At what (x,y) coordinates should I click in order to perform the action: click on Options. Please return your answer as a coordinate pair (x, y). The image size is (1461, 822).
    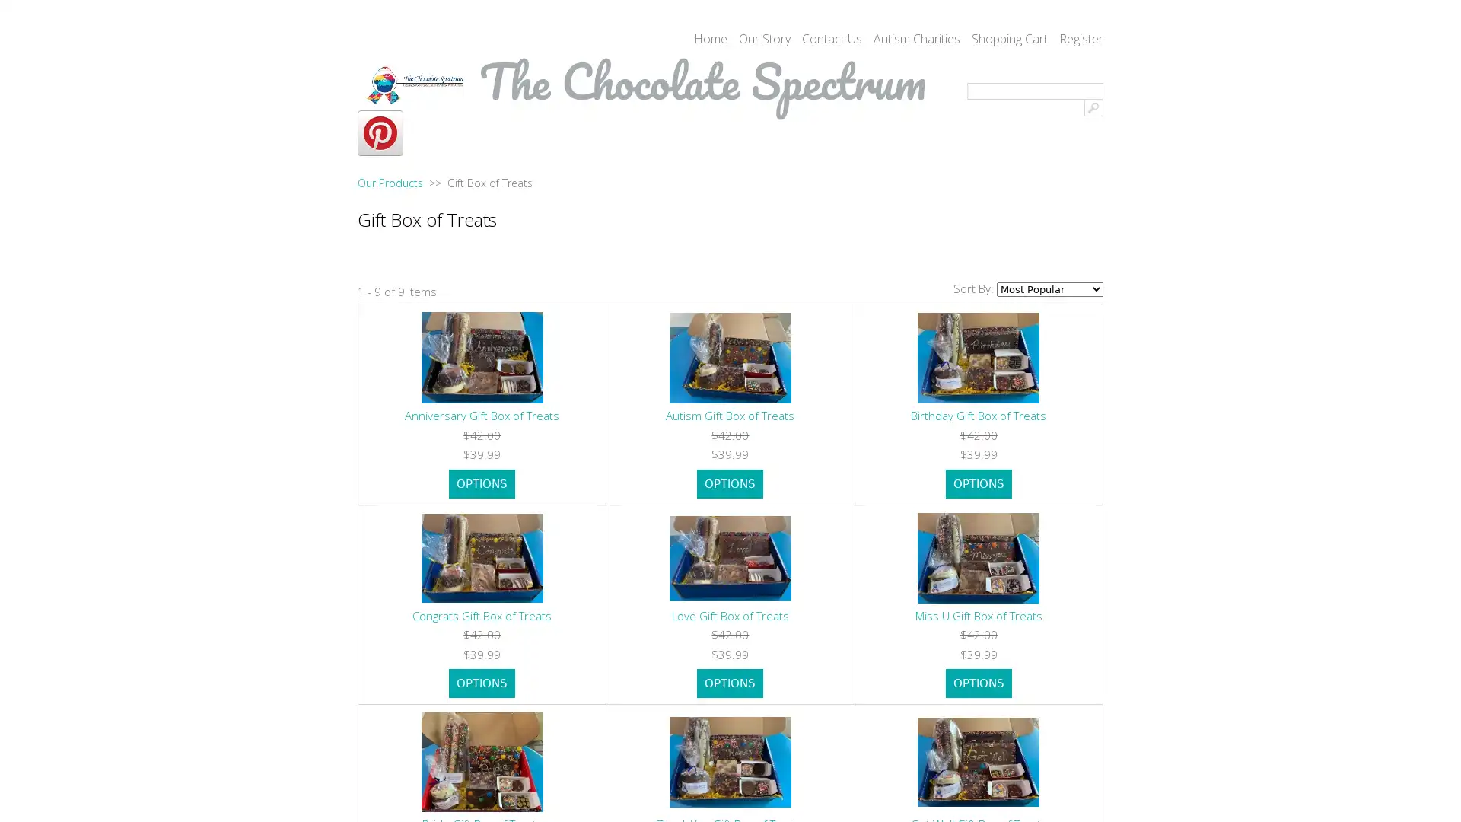
    Looking at the image, I should click on (481, 483).